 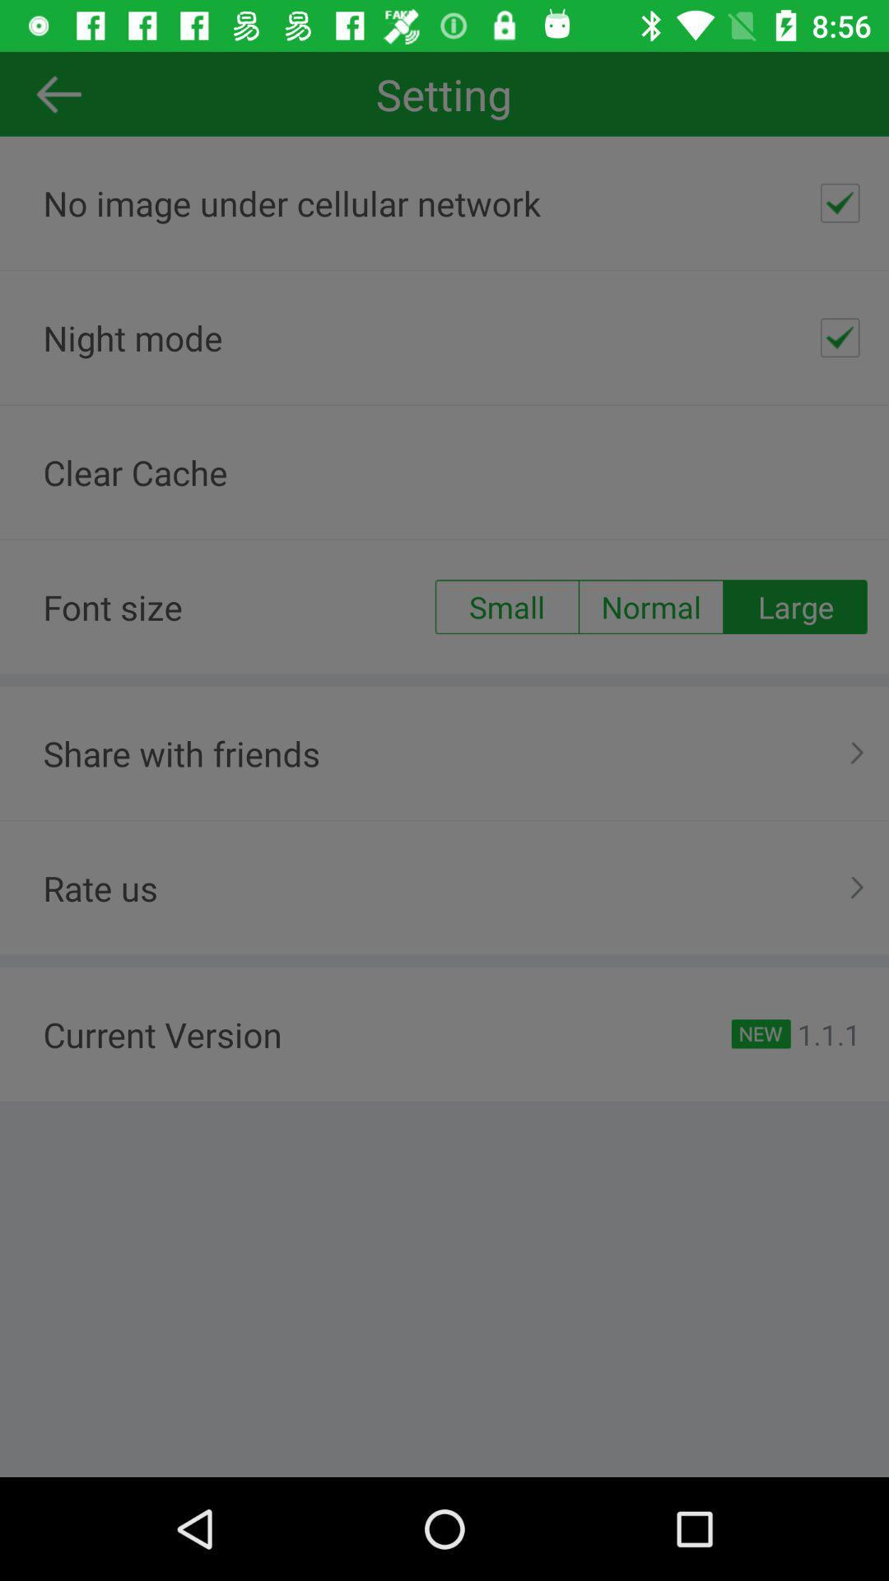 I want to click on item above night mode icon, so click(x=840, y=202).